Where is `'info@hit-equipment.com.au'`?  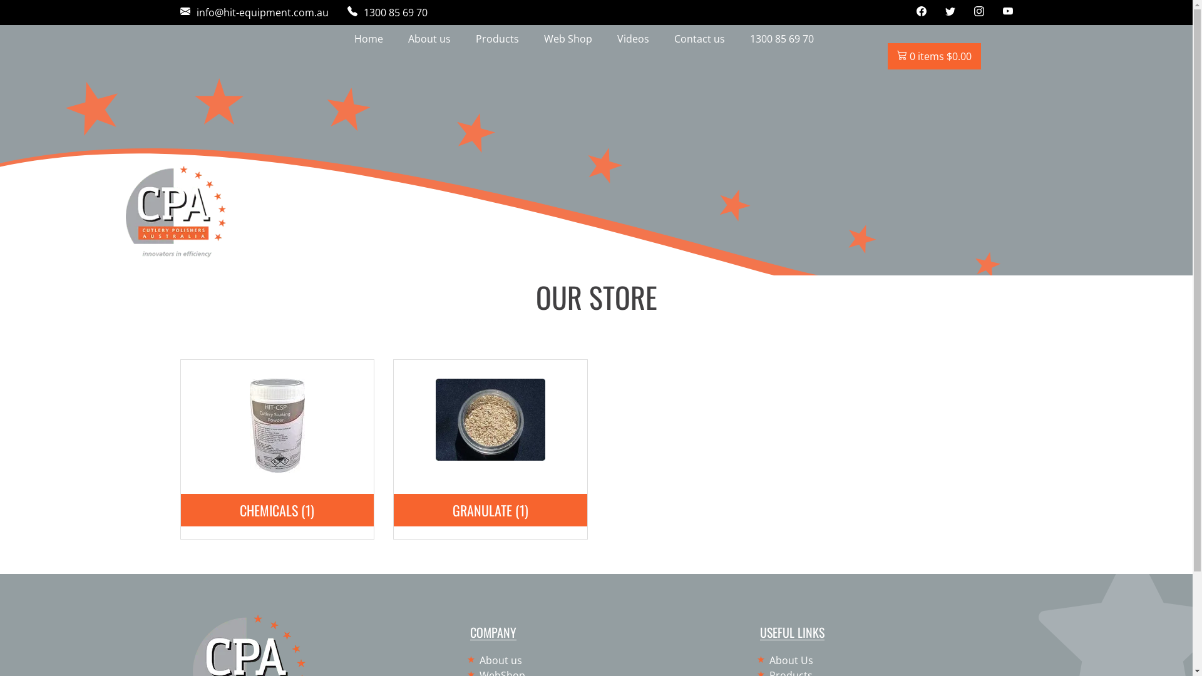
'info@hit-equipment.com.au' is located at coordinates (254, 12).